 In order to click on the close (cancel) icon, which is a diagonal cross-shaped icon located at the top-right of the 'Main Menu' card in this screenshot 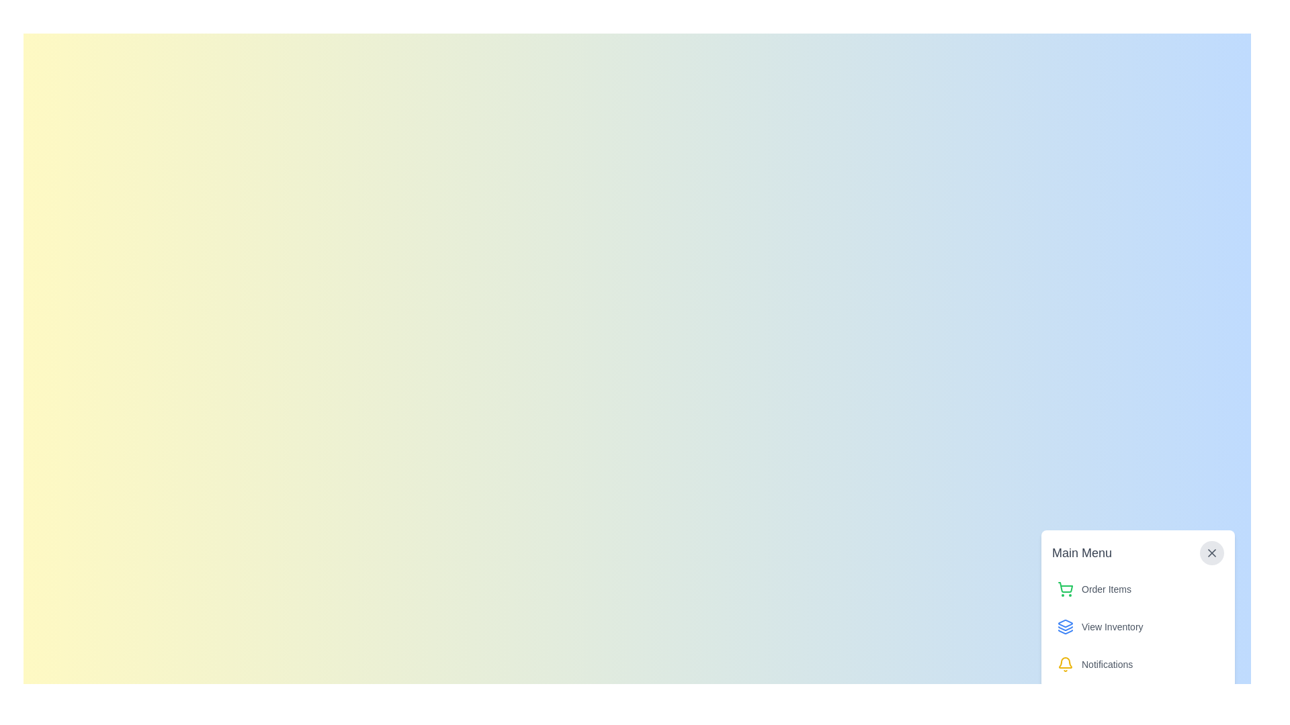, I will do `click(1212, 553)`.